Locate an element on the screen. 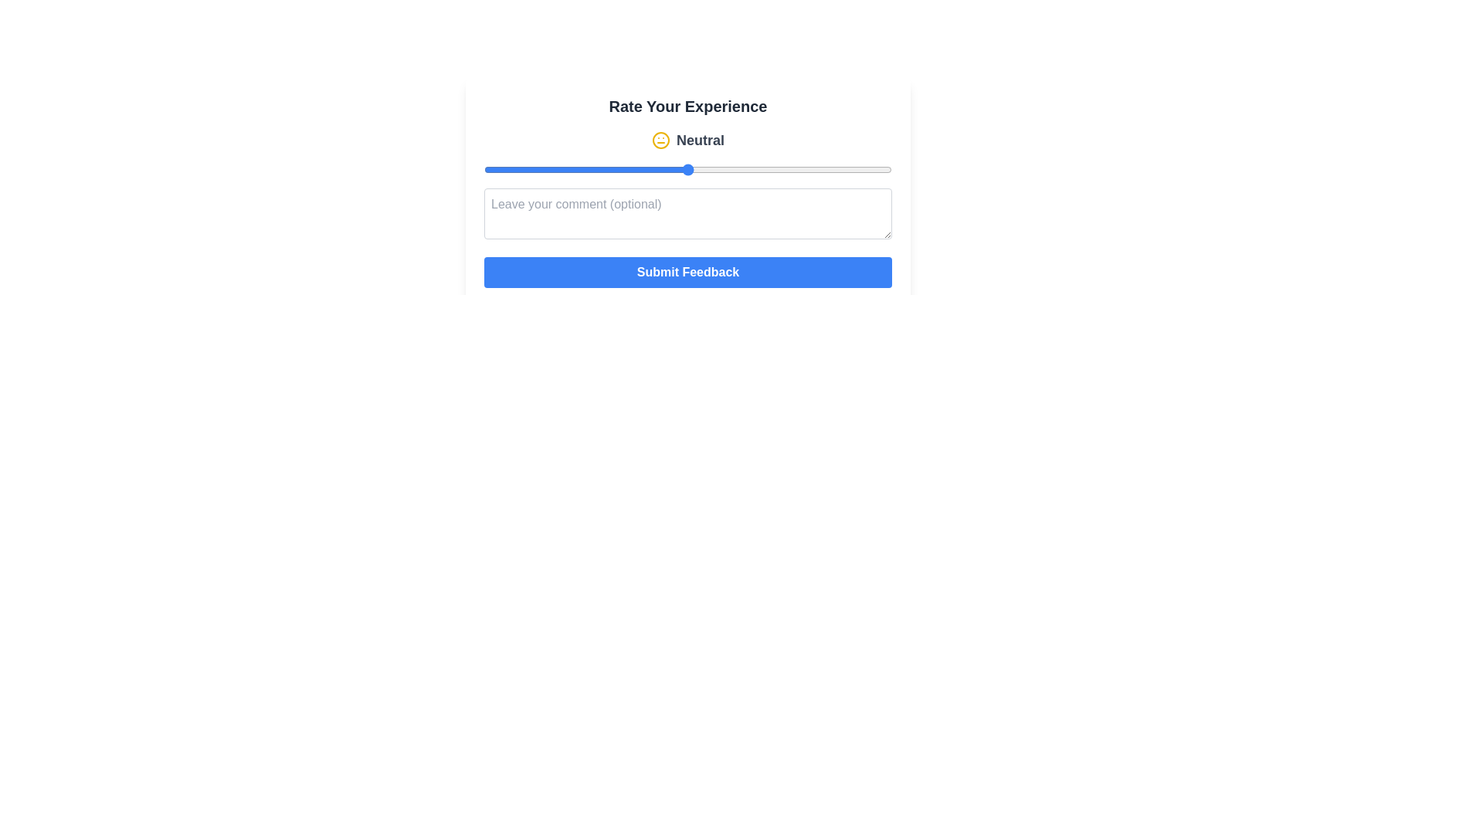 The height and width of the screenshot is (834, 1483). the slider to set the rating to 2 and observe the changes in the emoji and label is located at coordinates (585, 169).